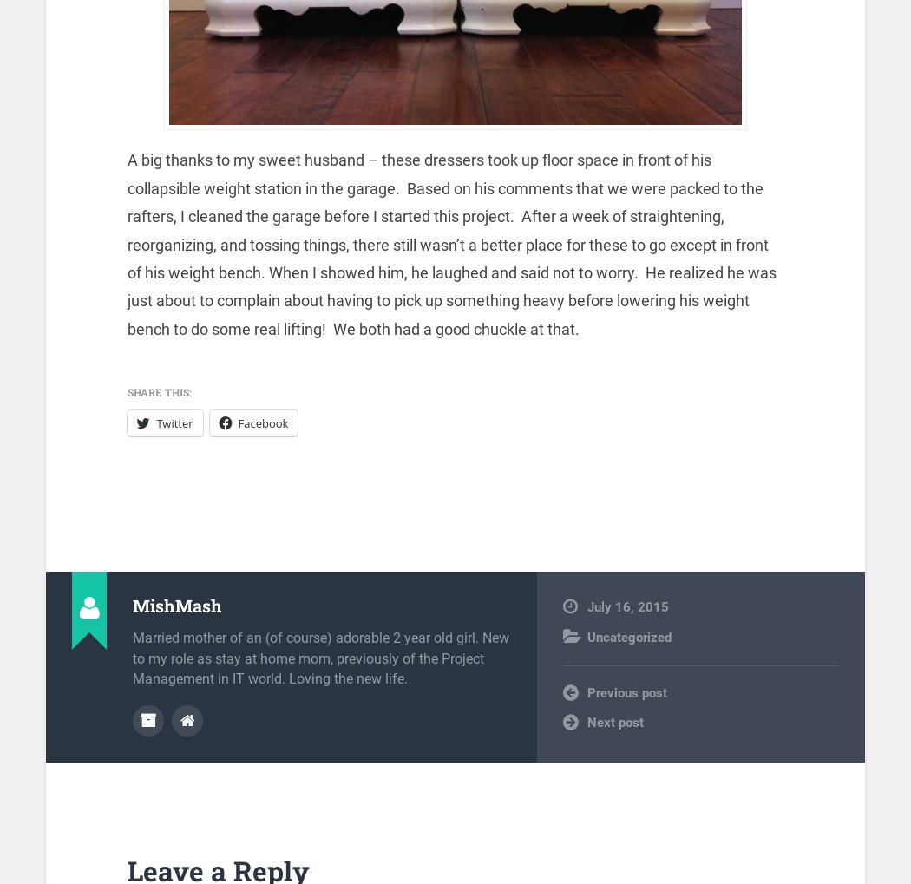 The height and width of the screenshot is (884, 911). What do you see at coordinates (173, 421) in the screenshot?
I see `'Twitter'` at bounding box center [173, 421].